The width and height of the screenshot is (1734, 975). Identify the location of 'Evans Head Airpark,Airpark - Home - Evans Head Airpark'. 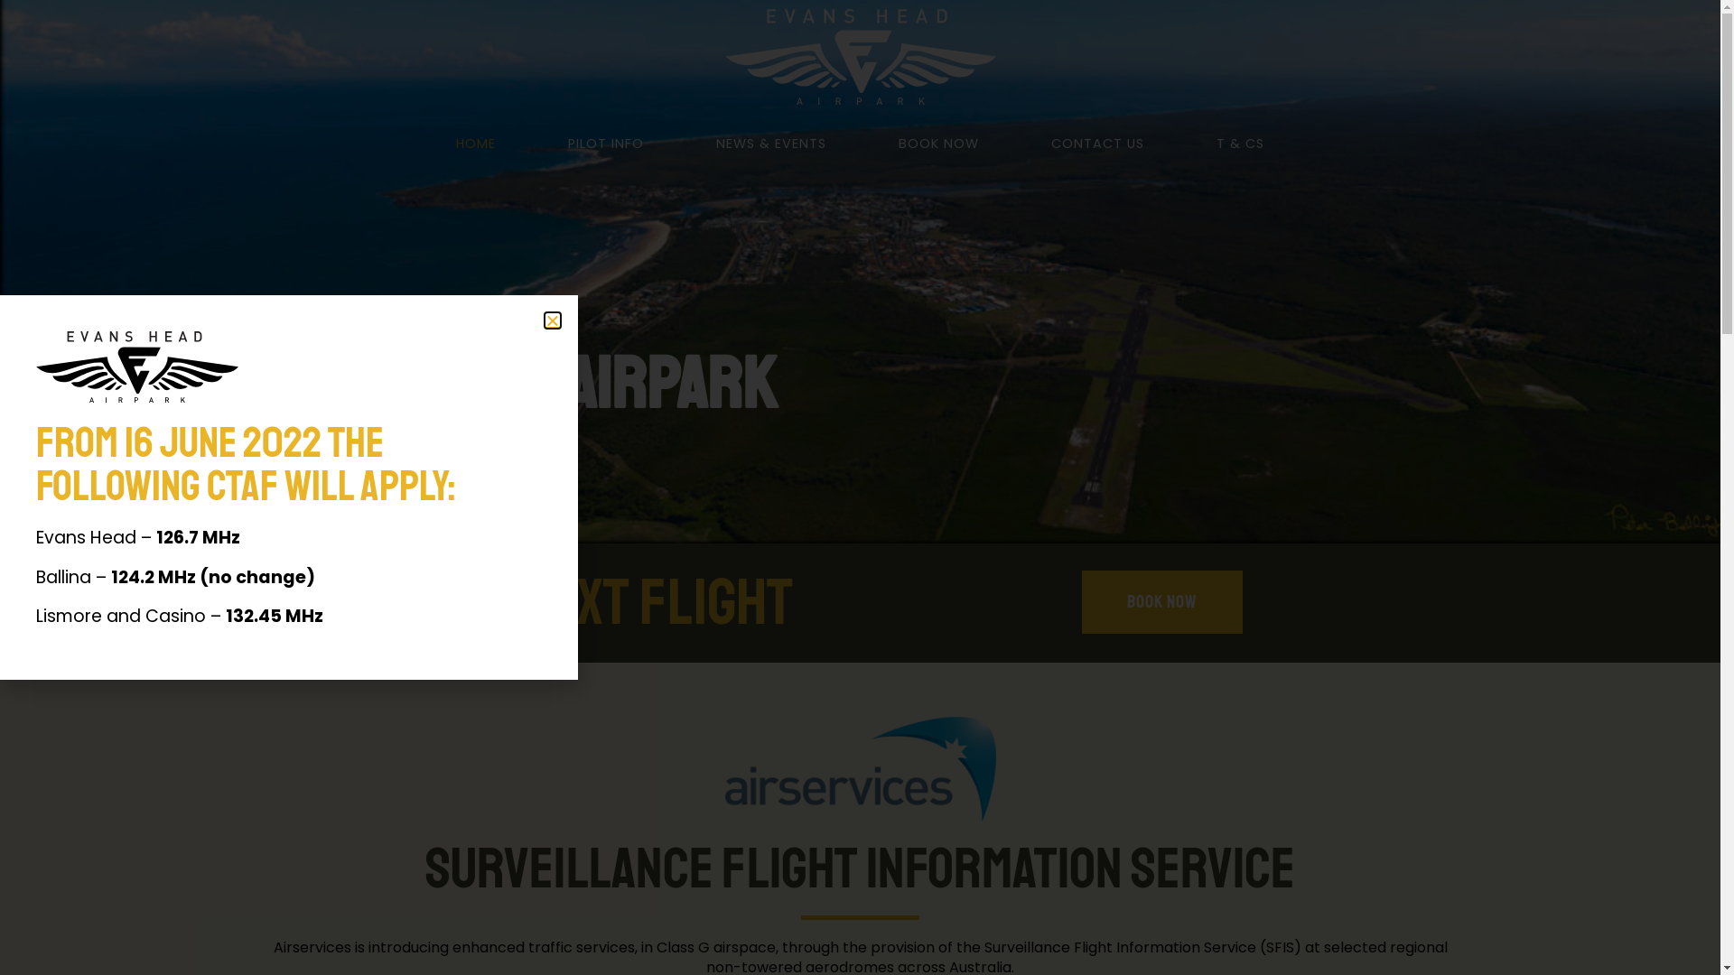
(858, 769).